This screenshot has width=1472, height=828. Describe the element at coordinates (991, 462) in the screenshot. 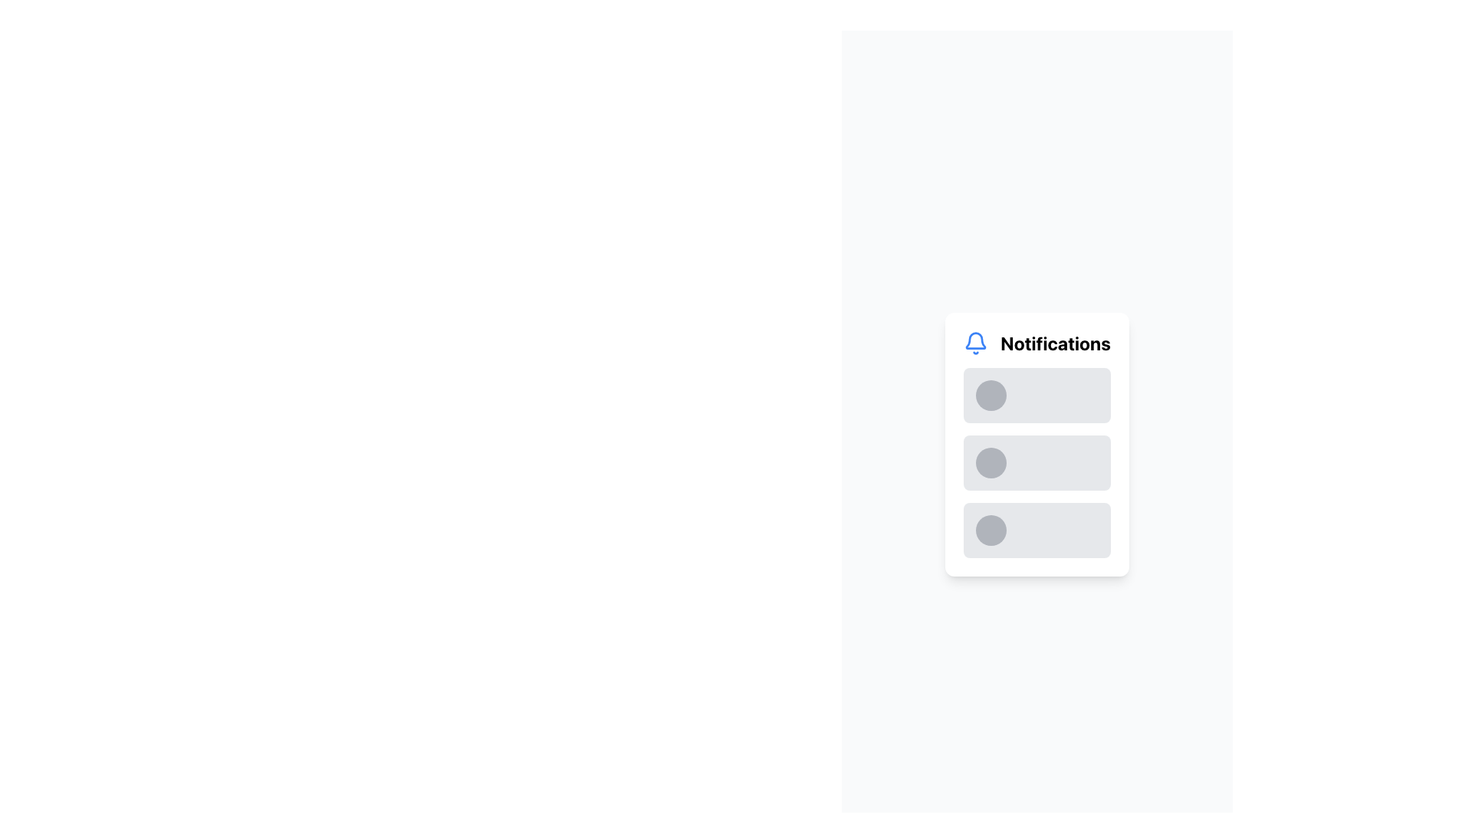

I see `the small circular placeholder styled with a gray background, located at the leftmost side of the middle notification item in a vertically stacked list` at that location.